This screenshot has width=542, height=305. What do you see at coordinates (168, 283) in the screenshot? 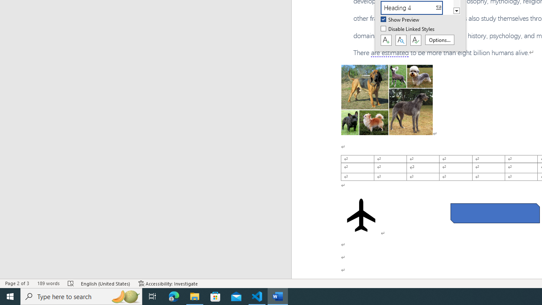
I see `'Accessibility Checker Accessibility: Investigate'` at bounding box center [168, 283].